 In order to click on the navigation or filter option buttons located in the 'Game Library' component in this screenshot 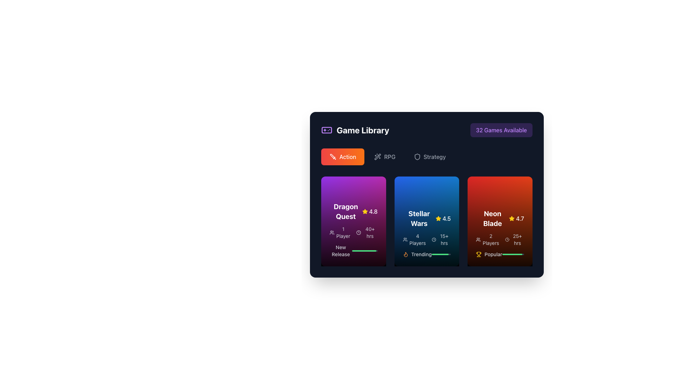, I will do `click(426, 157)`.